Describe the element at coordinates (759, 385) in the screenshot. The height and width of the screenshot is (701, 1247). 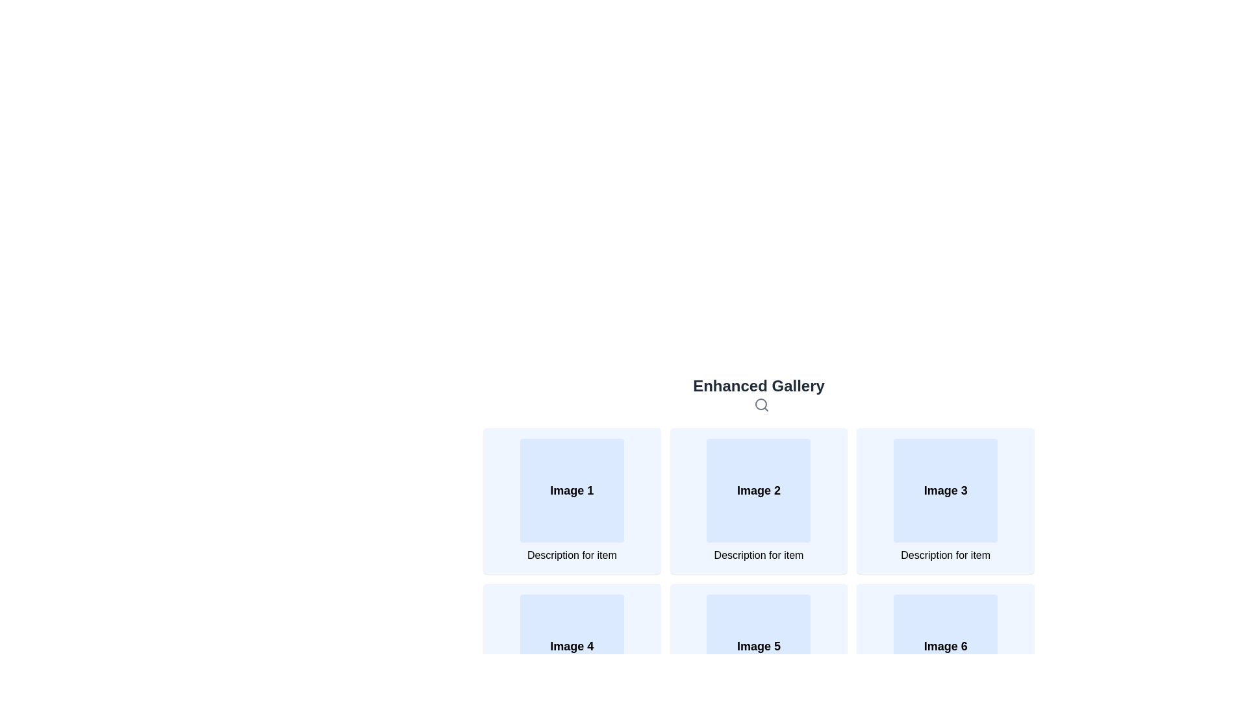
I see `text label that displays 'Enhanced Gallery' in bold and large font, located prominently near the top section of the layout` at that location.